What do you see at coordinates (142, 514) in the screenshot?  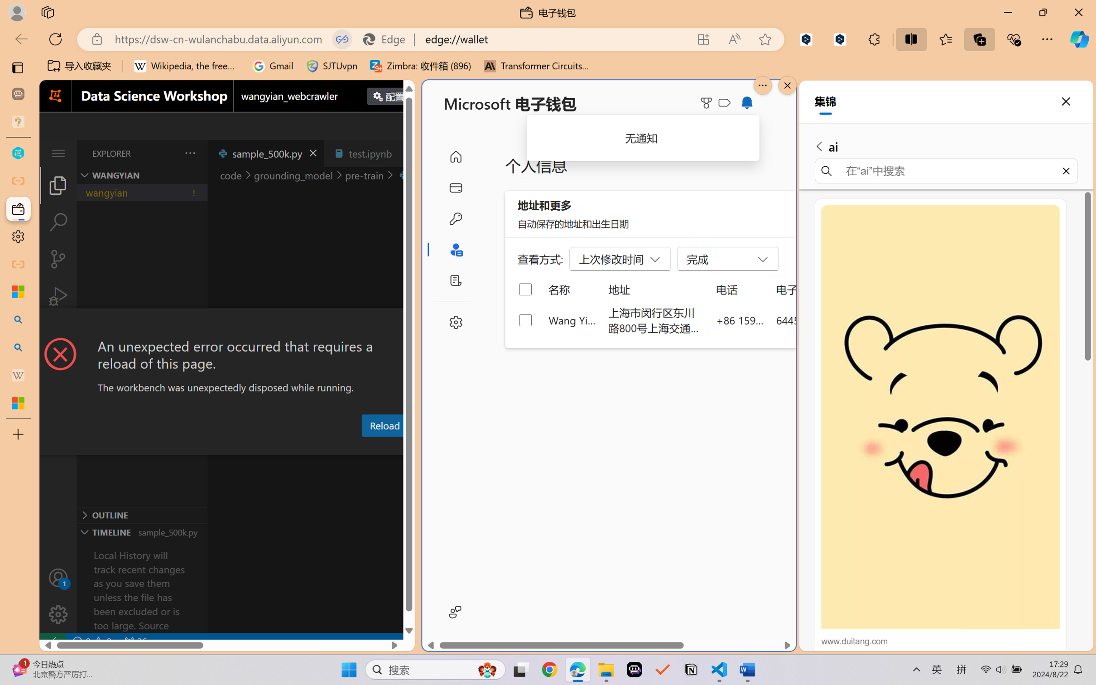 I see `'Outline Section'` at bounding box center [142, 514].